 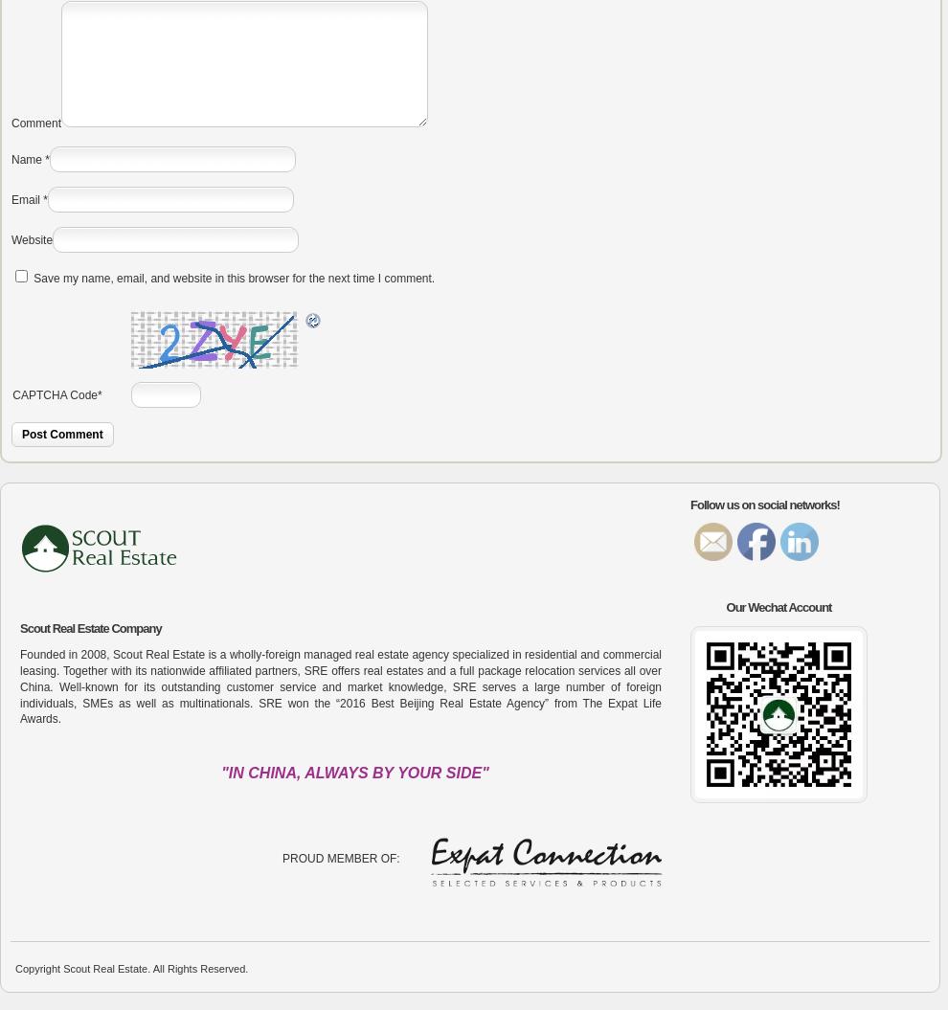 I want to click on 'PROUD MEMBER OF:', so click(x=340, y=857).